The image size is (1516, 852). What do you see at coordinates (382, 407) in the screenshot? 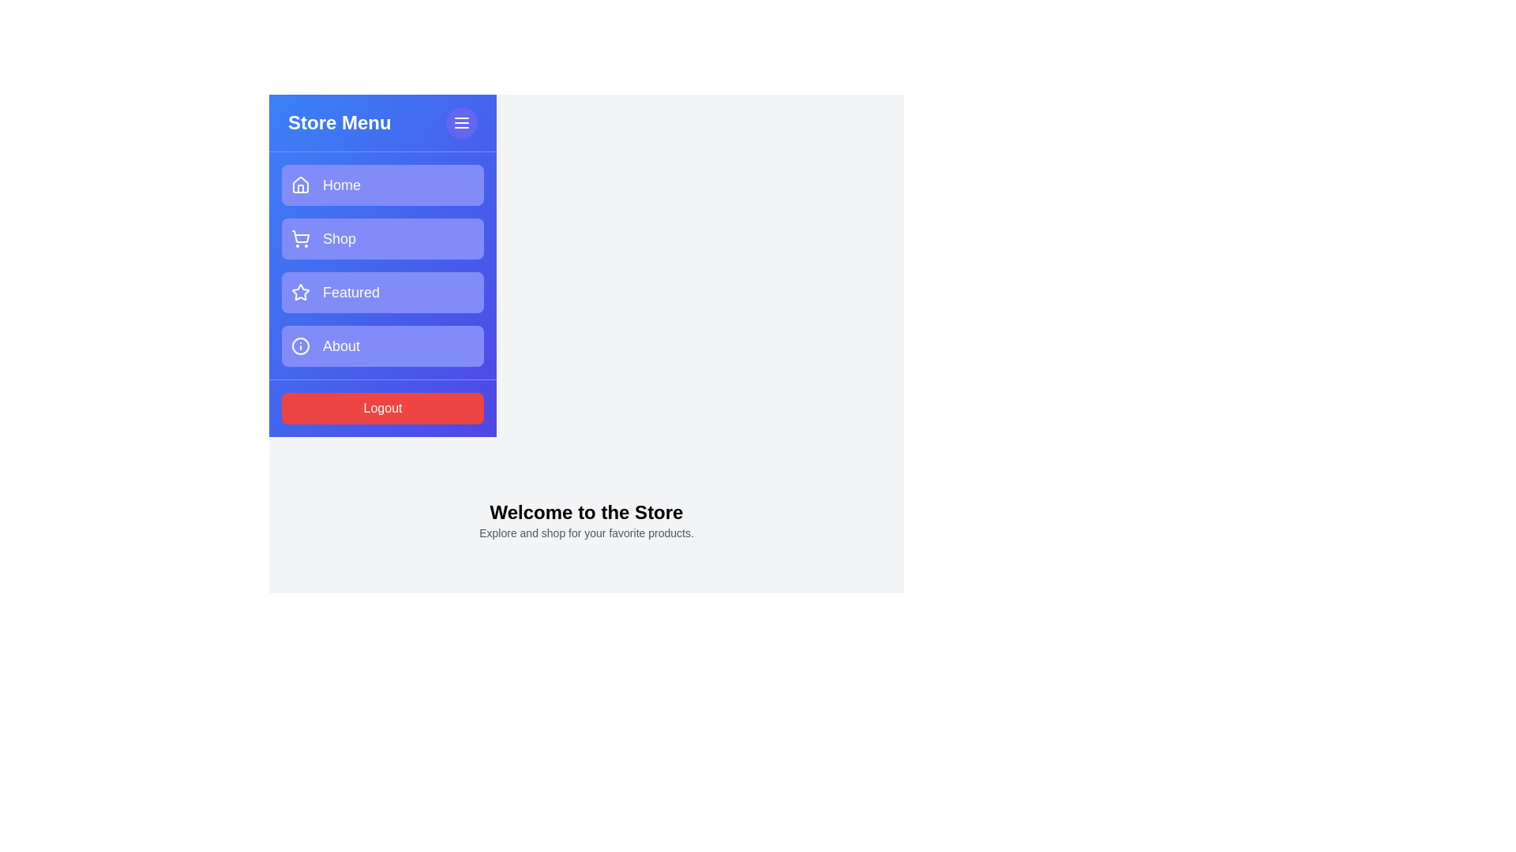
I see `the logout button to perform the logout action` at bounding box center [382, 407].